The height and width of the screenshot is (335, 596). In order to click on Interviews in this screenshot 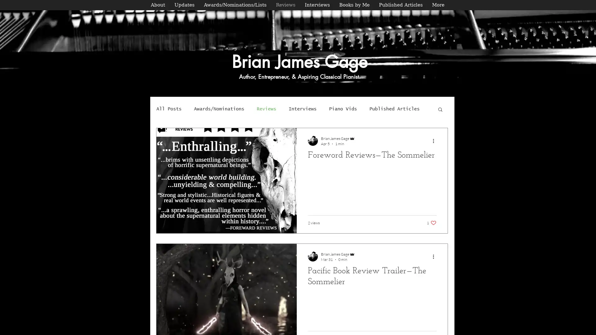, I will do `click(302, 109)`.